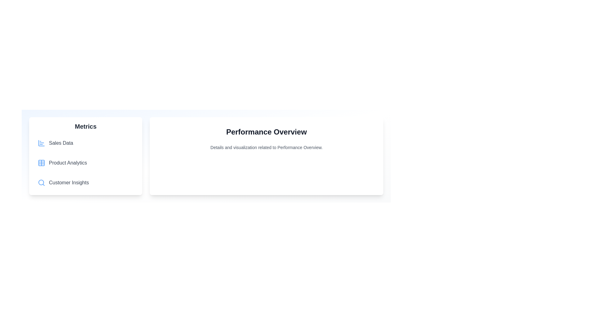  Describe the element at coordinates (85, 156) in the screenshot. I see `the second list item titled 'Product Analytics' within the 'Metrics' card` at that location.